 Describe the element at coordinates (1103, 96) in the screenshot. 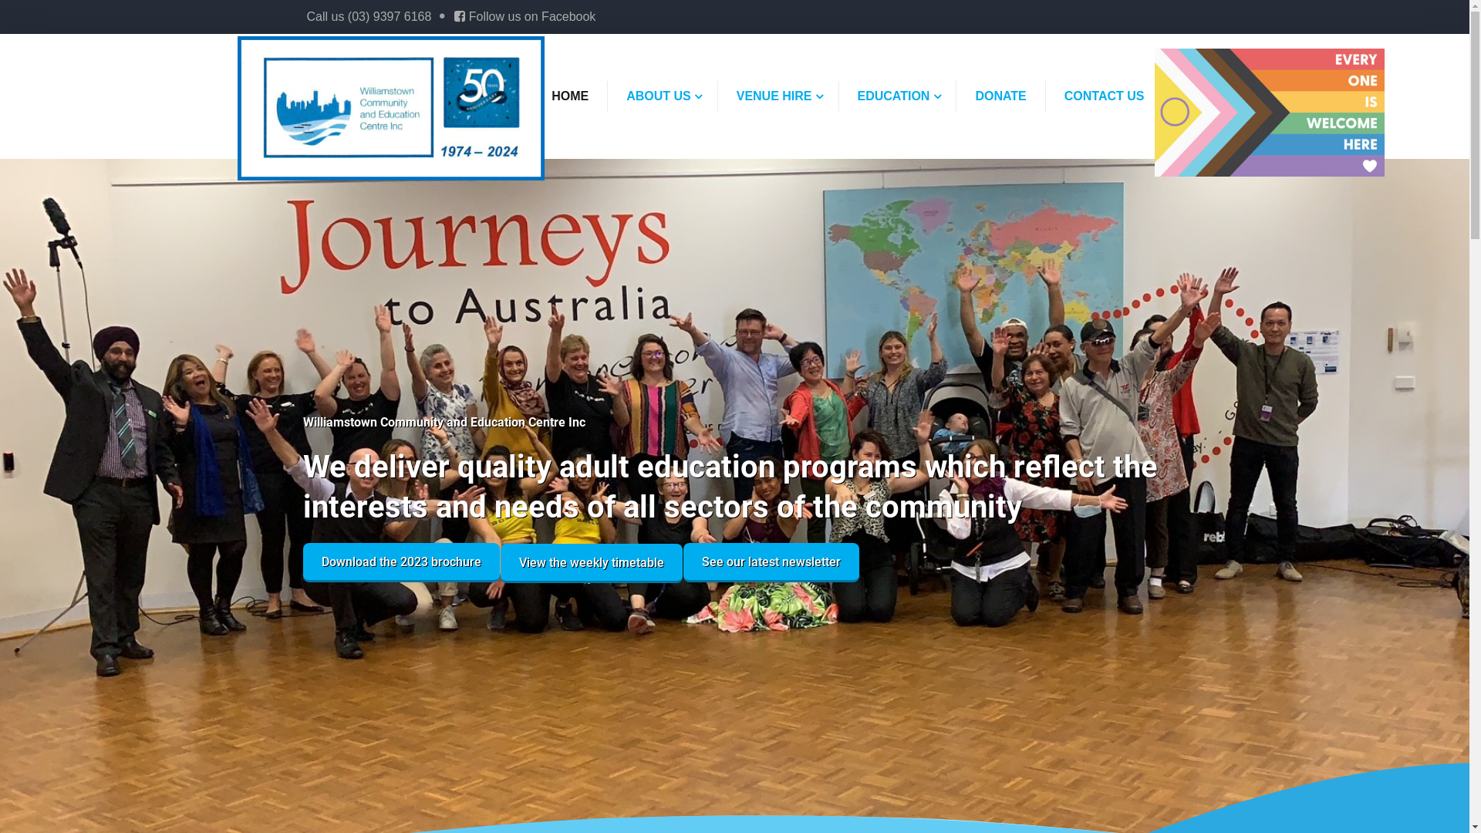

I see `'CONTACT US'` at that location.